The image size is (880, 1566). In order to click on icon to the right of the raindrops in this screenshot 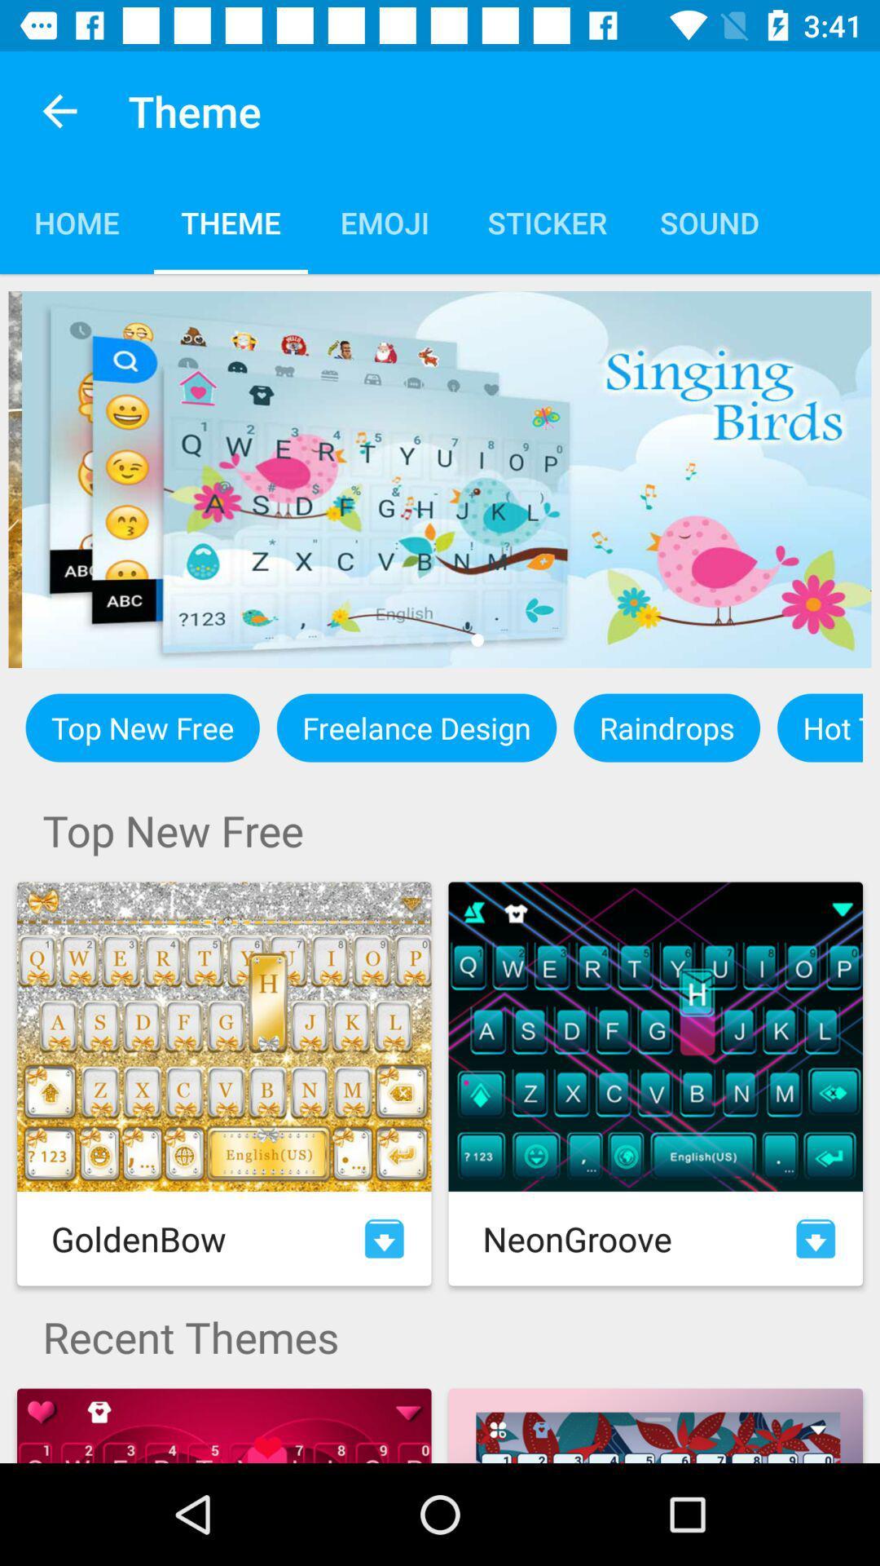, I will do `click(820, 727)`.